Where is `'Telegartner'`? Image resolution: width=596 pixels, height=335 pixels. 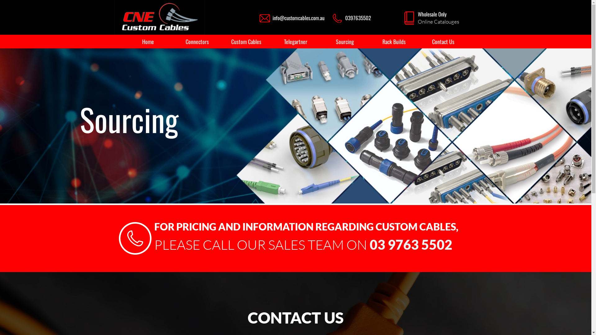
'Telegartner' is located at coordinates (271, 42).